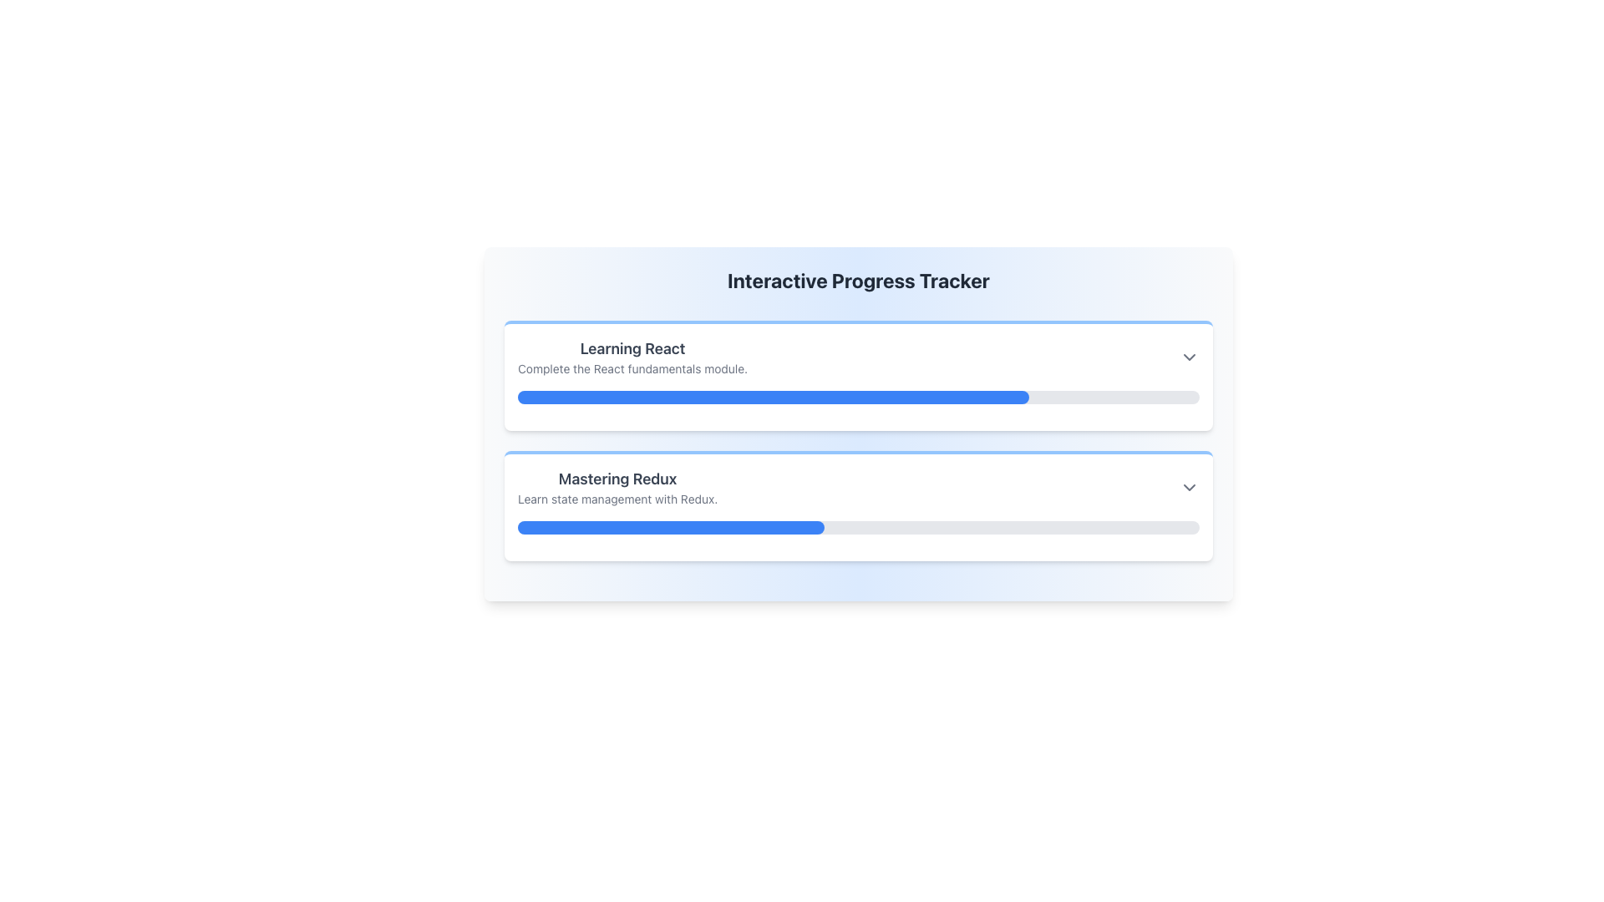  I want to click on text from the title label that serves as a header for the section about learning state management using Redux, located below the progress tracker section and above the subheading, so click(617, 479).